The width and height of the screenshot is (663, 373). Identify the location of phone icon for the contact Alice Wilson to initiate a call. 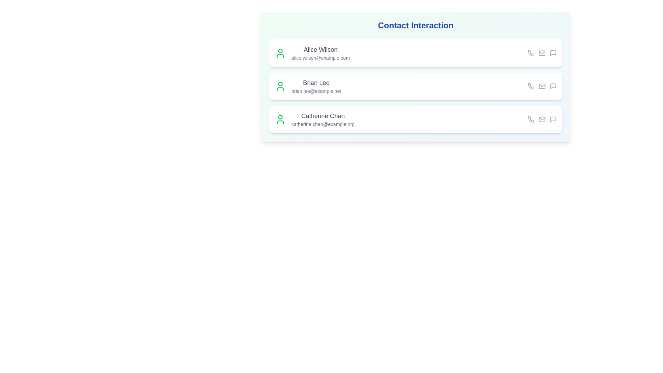
(530, 53).